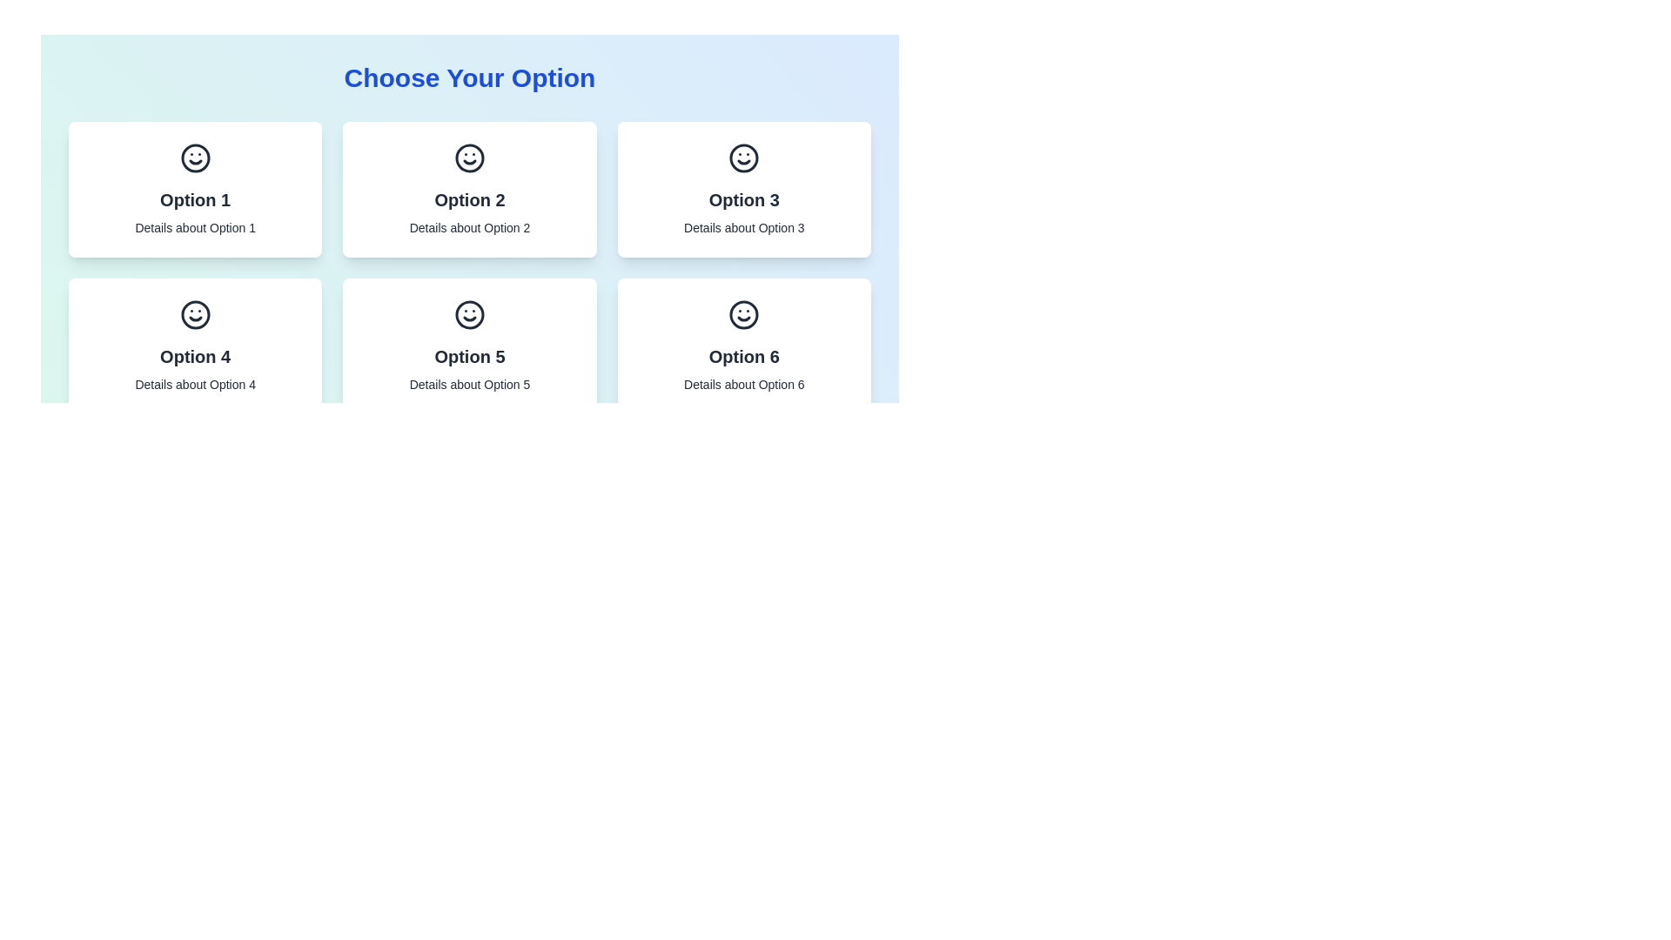 The image size is (1671, 940). What do you see at coordinates (469, 158) in the screenshot?
I see `the smiling face icon representing 'Option 2' card, which is centered at the top of the card in the grid layout` at bounding box center [469, 158].